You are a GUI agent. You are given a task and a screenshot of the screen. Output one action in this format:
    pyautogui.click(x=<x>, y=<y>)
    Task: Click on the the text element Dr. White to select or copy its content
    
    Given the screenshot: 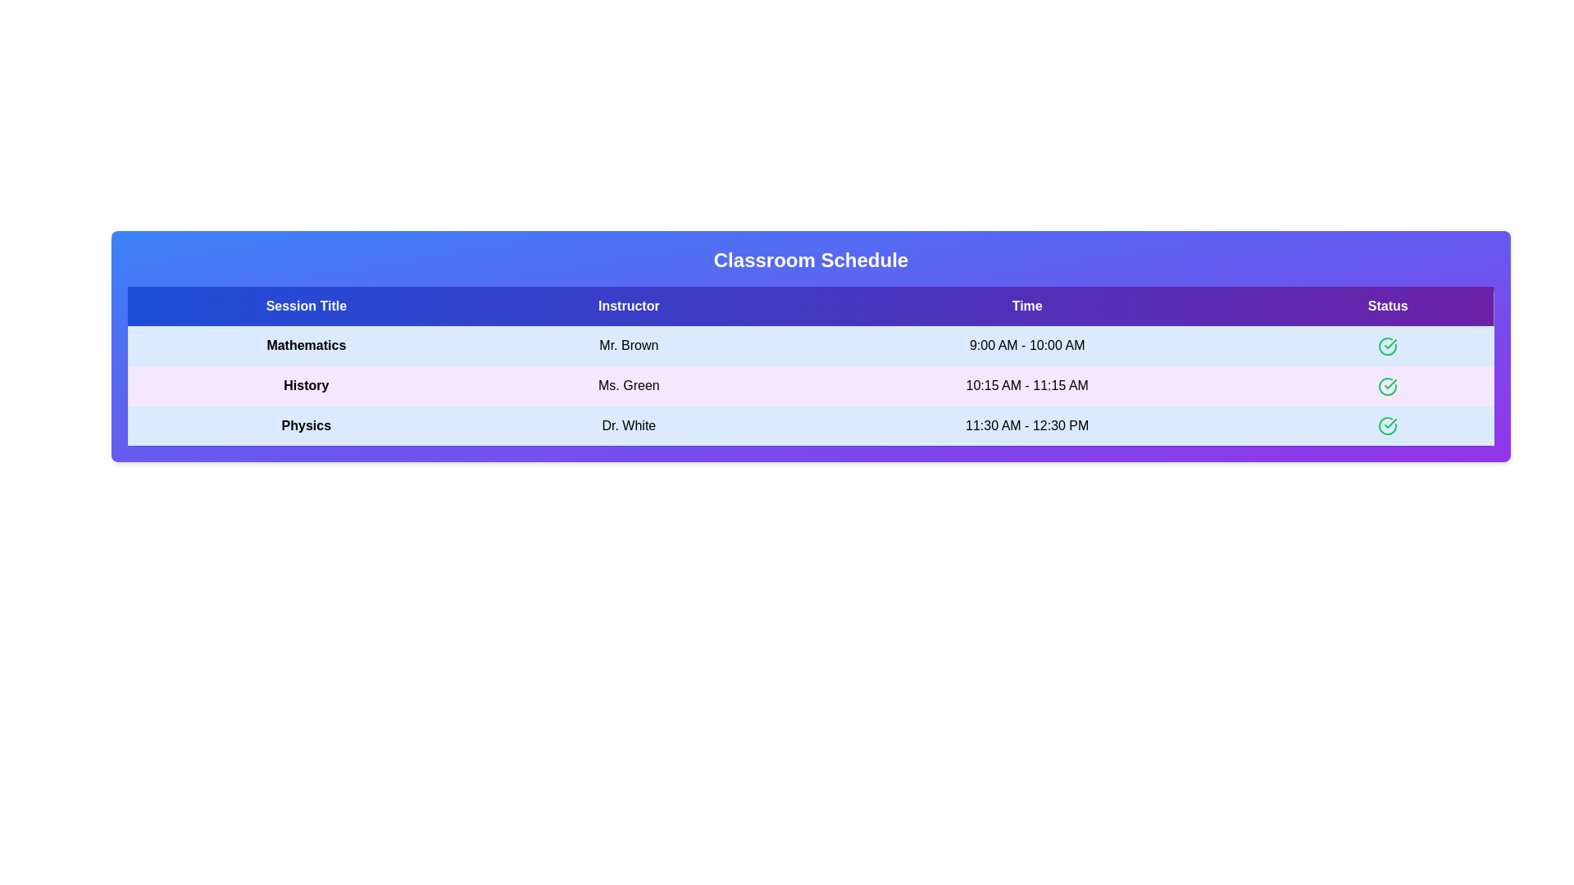 What is the action you would take?
    pyautogui.click(x=628, y=425)
    